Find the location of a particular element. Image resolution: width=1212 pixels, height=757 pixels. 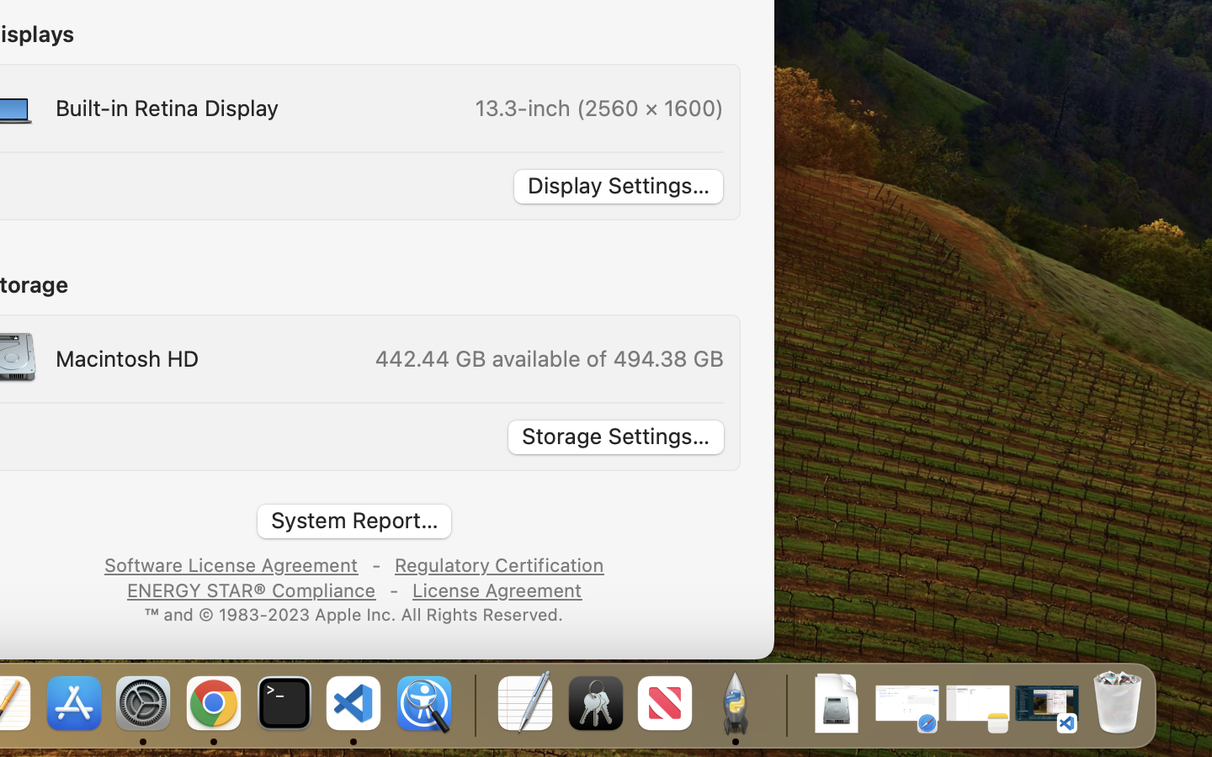

'Regulatory Certification' is located at coordinates (497, 563).